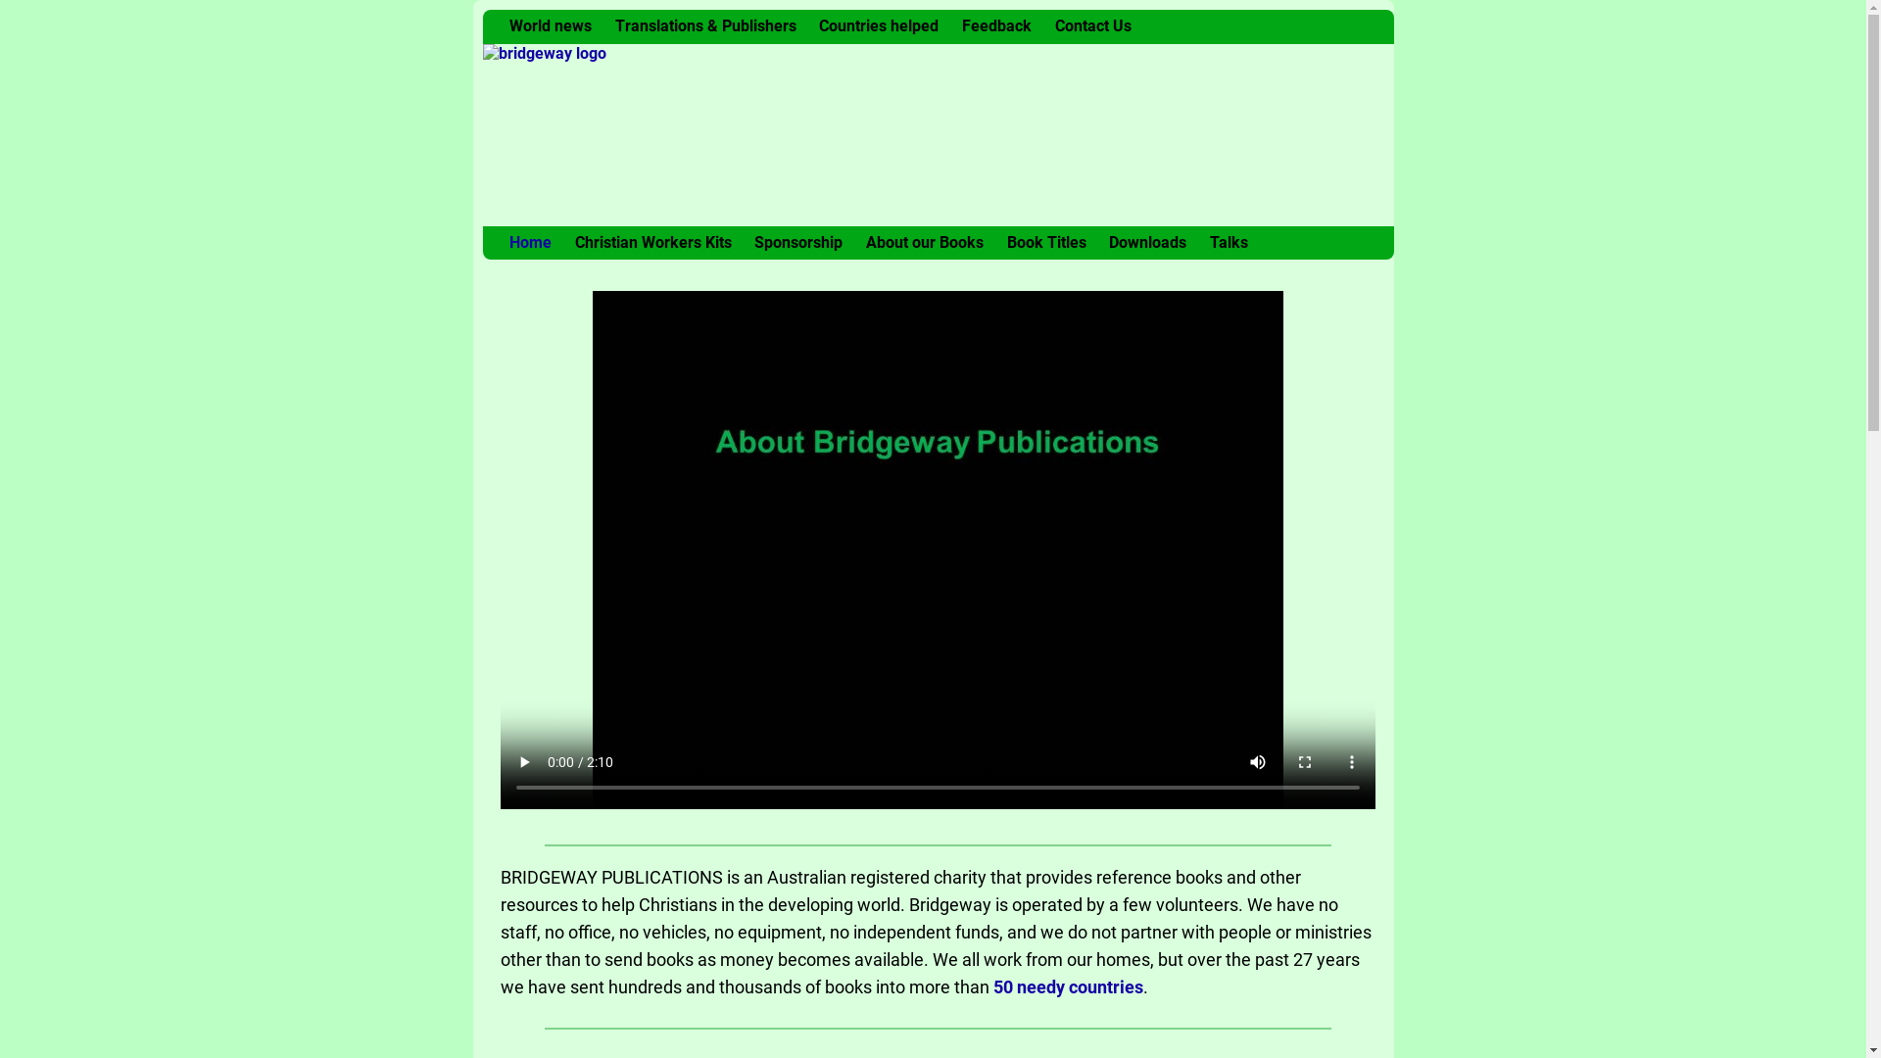  Describe the element at coordinates (1045, 242) in the screenshot. I see `'Book Titles'` at that location.